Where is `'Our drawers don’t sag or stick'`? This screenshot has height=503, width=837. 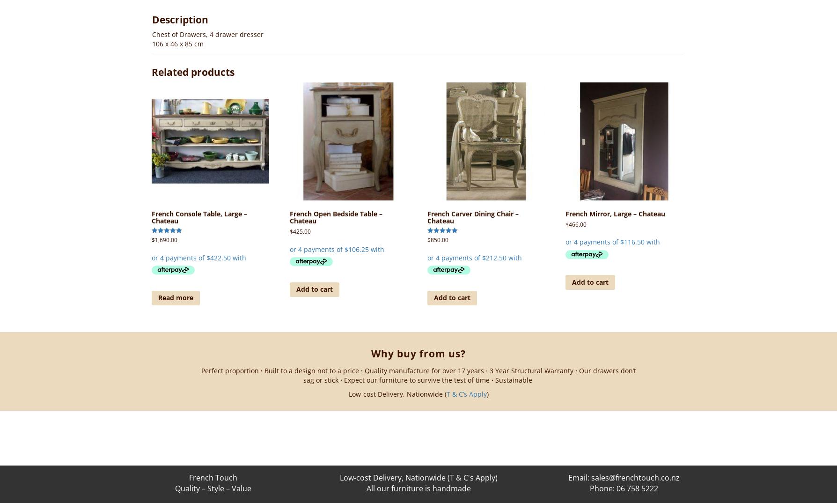
'Our drawers don’t sag or stick' is located at coordinates (303, 374).